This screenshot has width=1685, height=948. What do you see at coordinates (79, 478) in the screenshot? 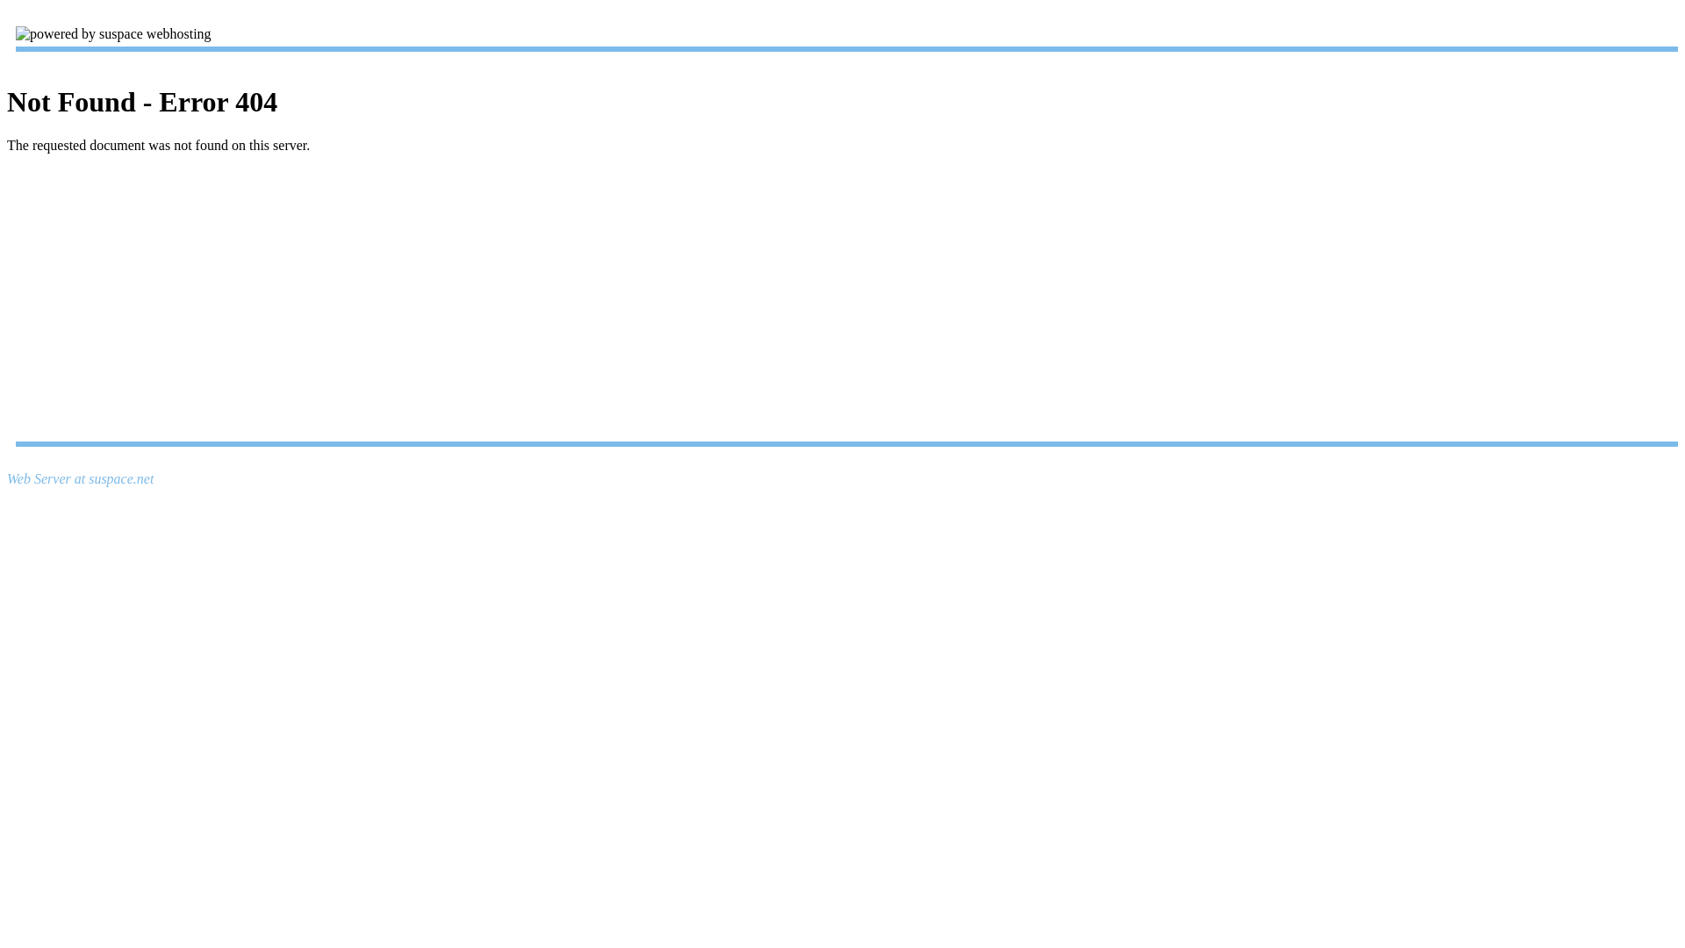
I see `'Web Server at suspace.net'` at bounding box center [79, 478].